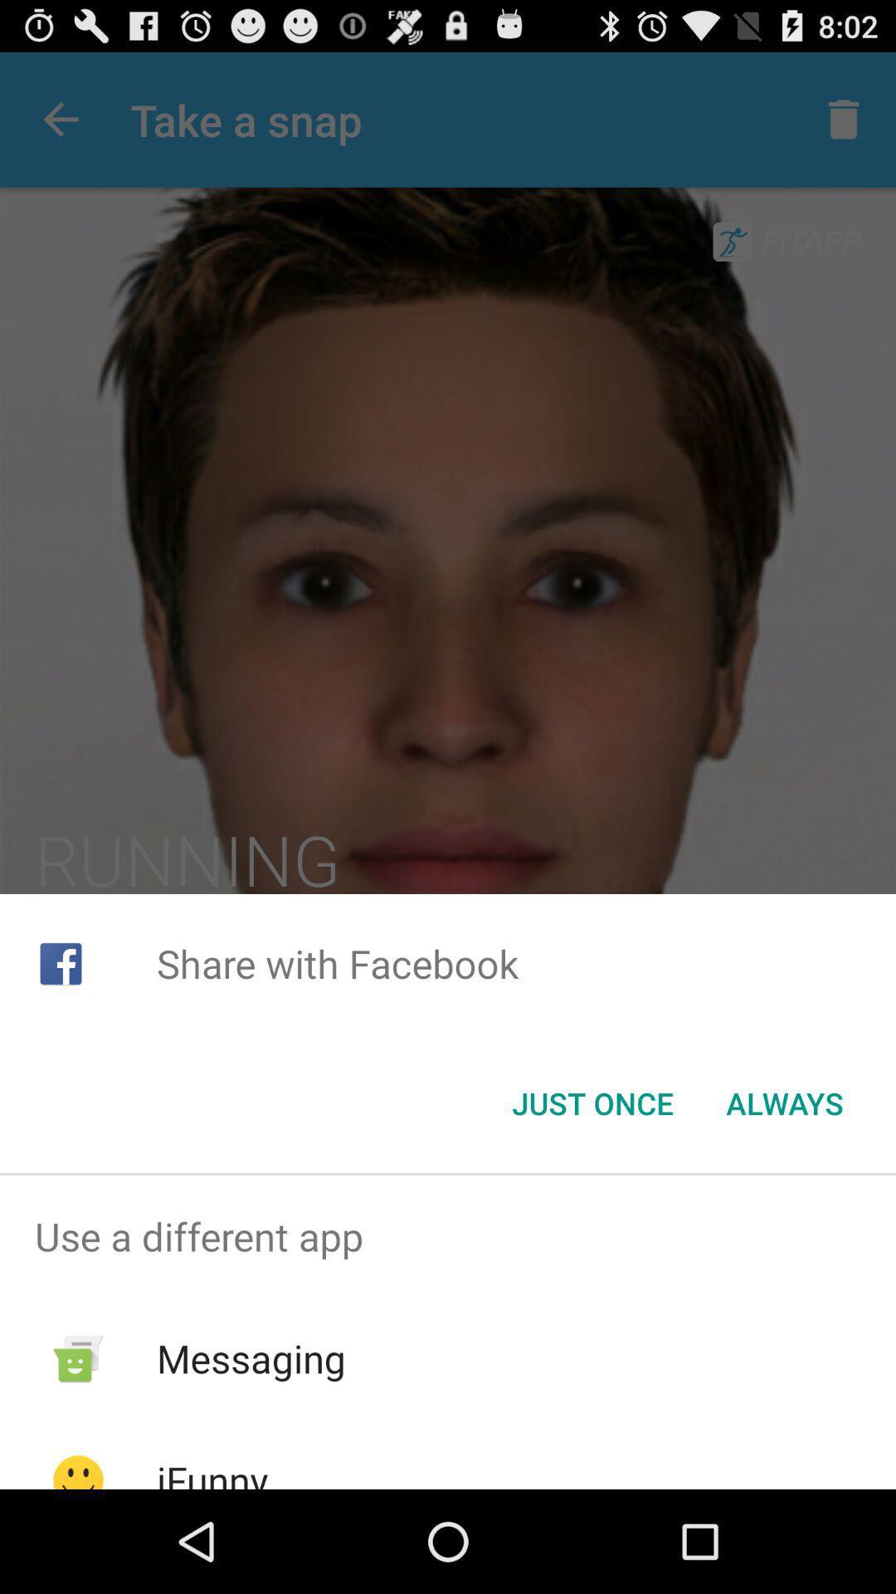 The height and width of the screenshot is (1594, 896). I want to click on icon next to just once icon, so click(784, 1103).